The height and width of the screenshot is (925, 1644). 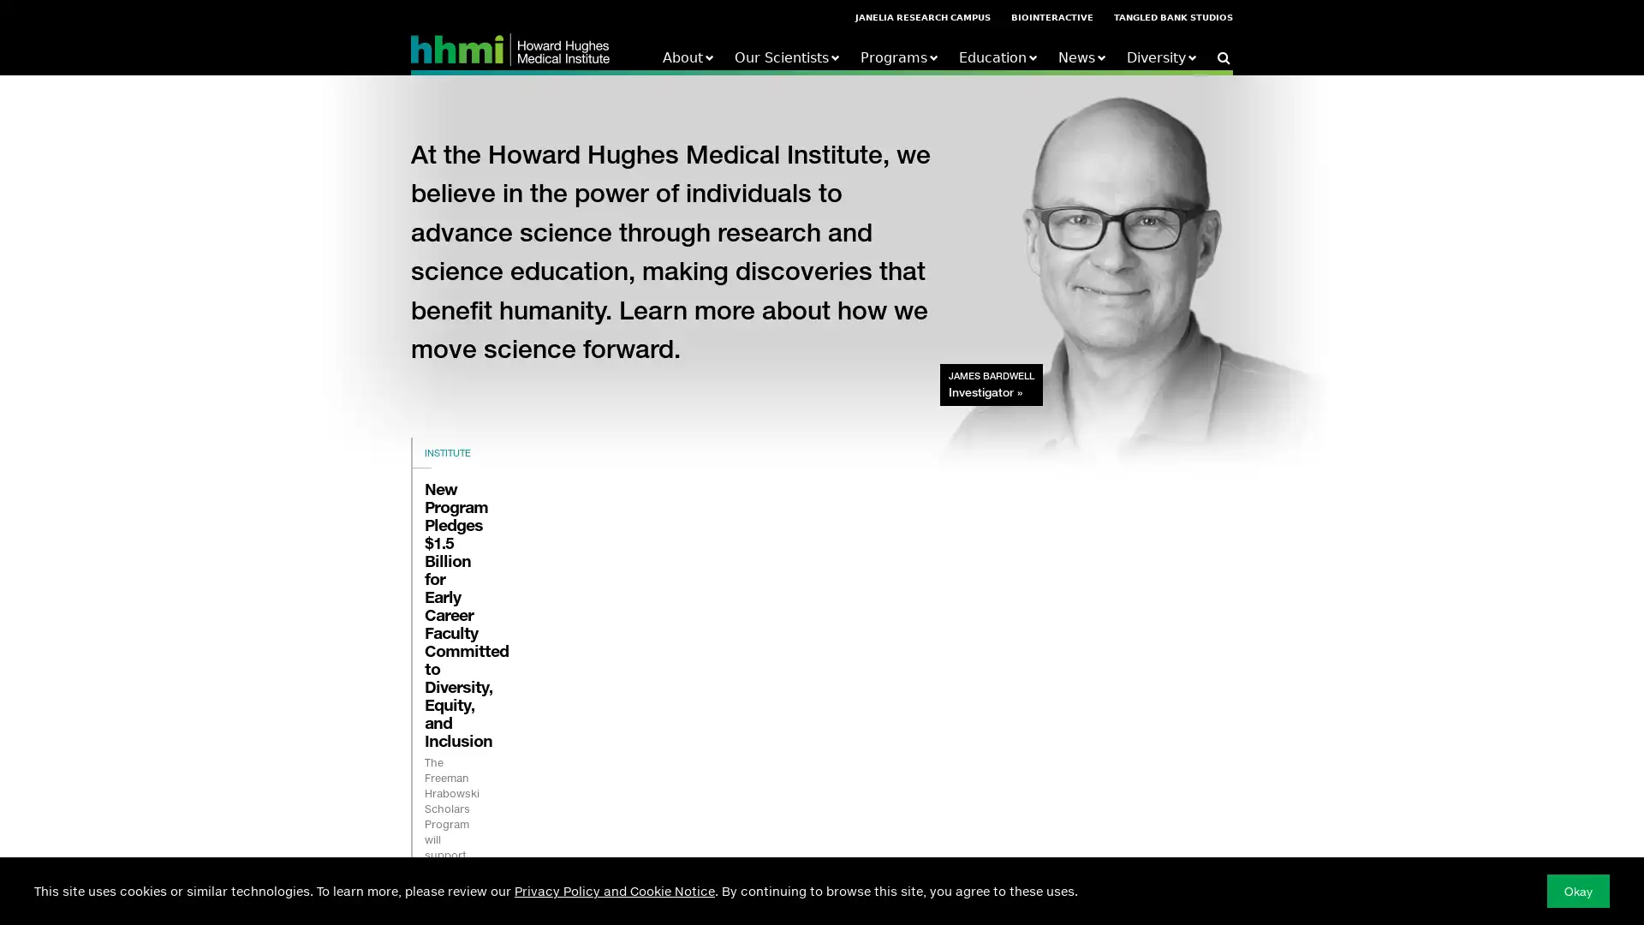 I want to click on Our Scientists, so click(x=786, y=57).